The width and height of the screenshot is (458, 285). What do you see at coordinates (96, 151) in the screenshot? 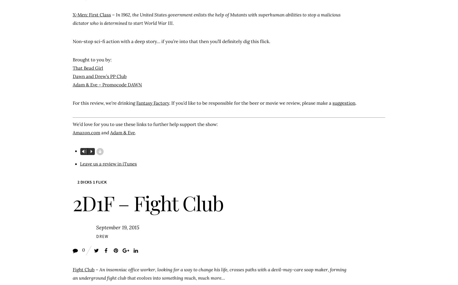
I see `'d'` at bounding box center [96, 151].